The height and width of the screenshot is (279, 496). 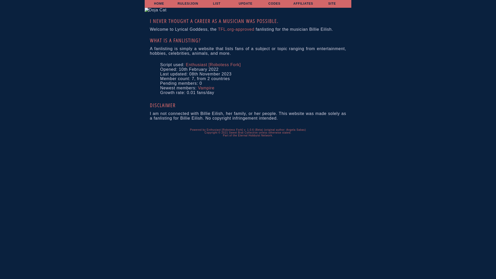 I want to click on 'CODES', so click(x=268, y=4).